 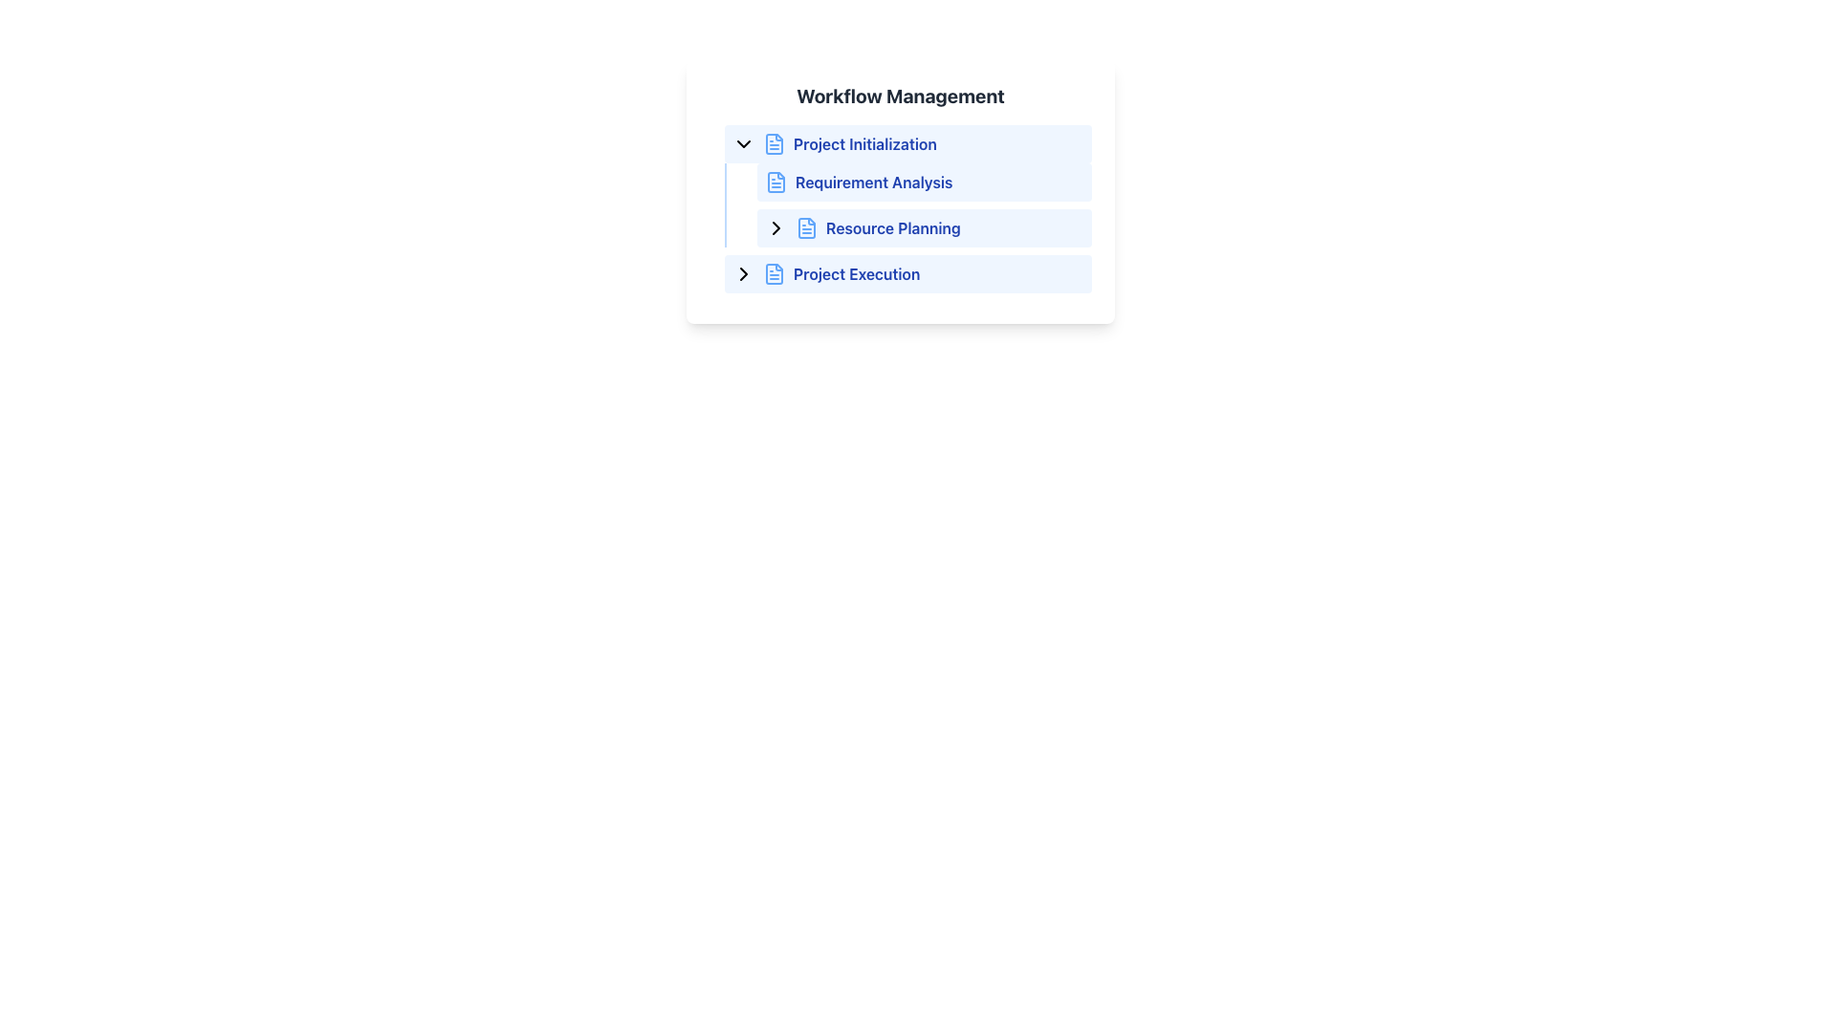 What do you see at coordinates (775, 273) in the screenshot?
I see `the SVG icon that visually represents the associated list item for 'Project Execution' in the workflow steps under 'Workflow Management'` at bounding box center [775, 273].